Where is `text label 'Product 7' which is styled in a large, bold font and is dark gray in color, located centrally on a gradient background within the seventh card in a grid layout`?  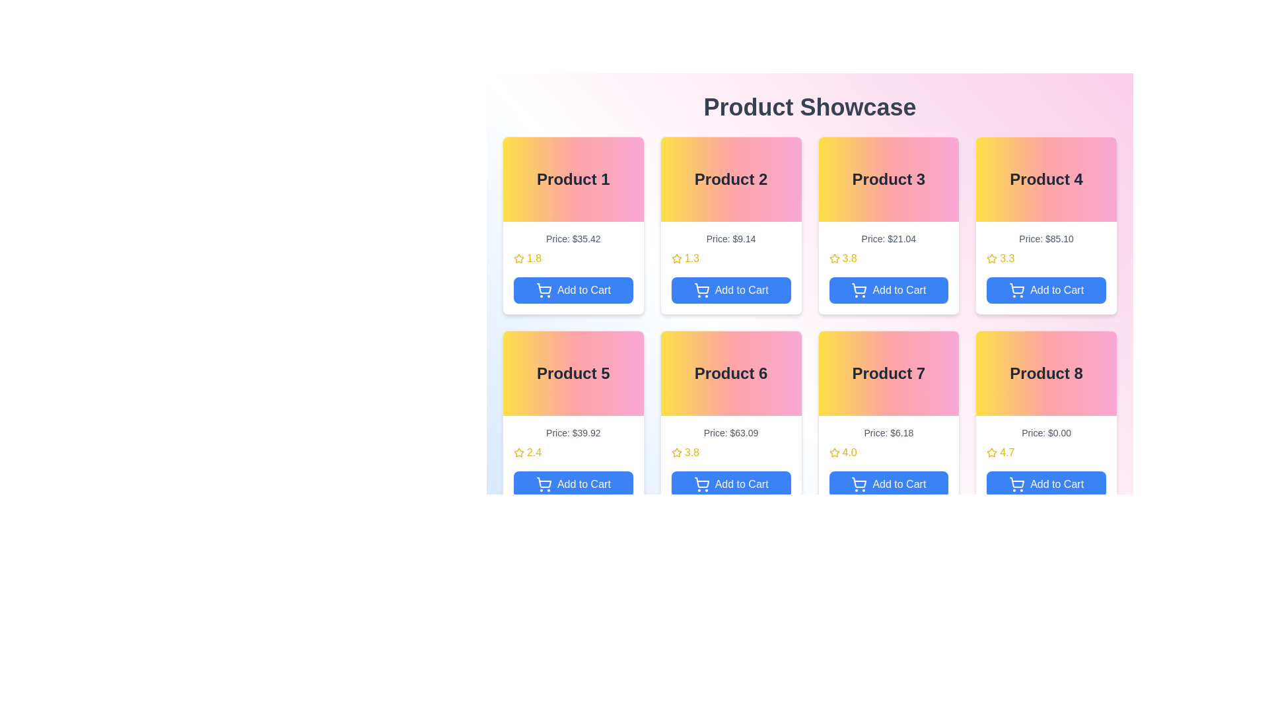 text label 'Product 7' which is styled in a large, bold font and is dark gray in color, located centrally on a gradient background within the seventh card in a grid layout is located at coordinates (888, 374).